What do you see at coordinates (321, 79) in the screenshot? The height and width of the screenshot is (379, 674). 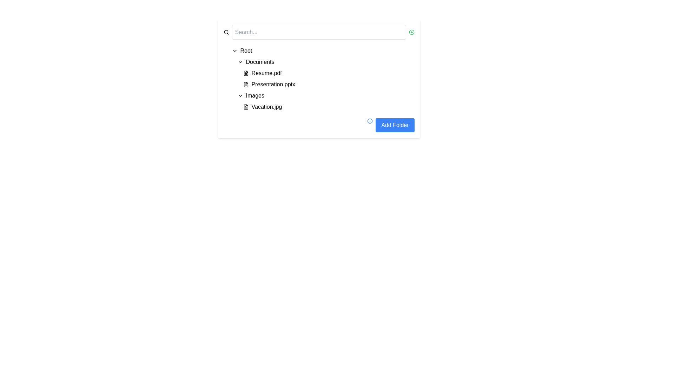 I see `the hierarchical list or tree view component displaying the file structure, including folders like 'Root' and files such as 'Resume.pdf'` at bounding box center [321, 79].